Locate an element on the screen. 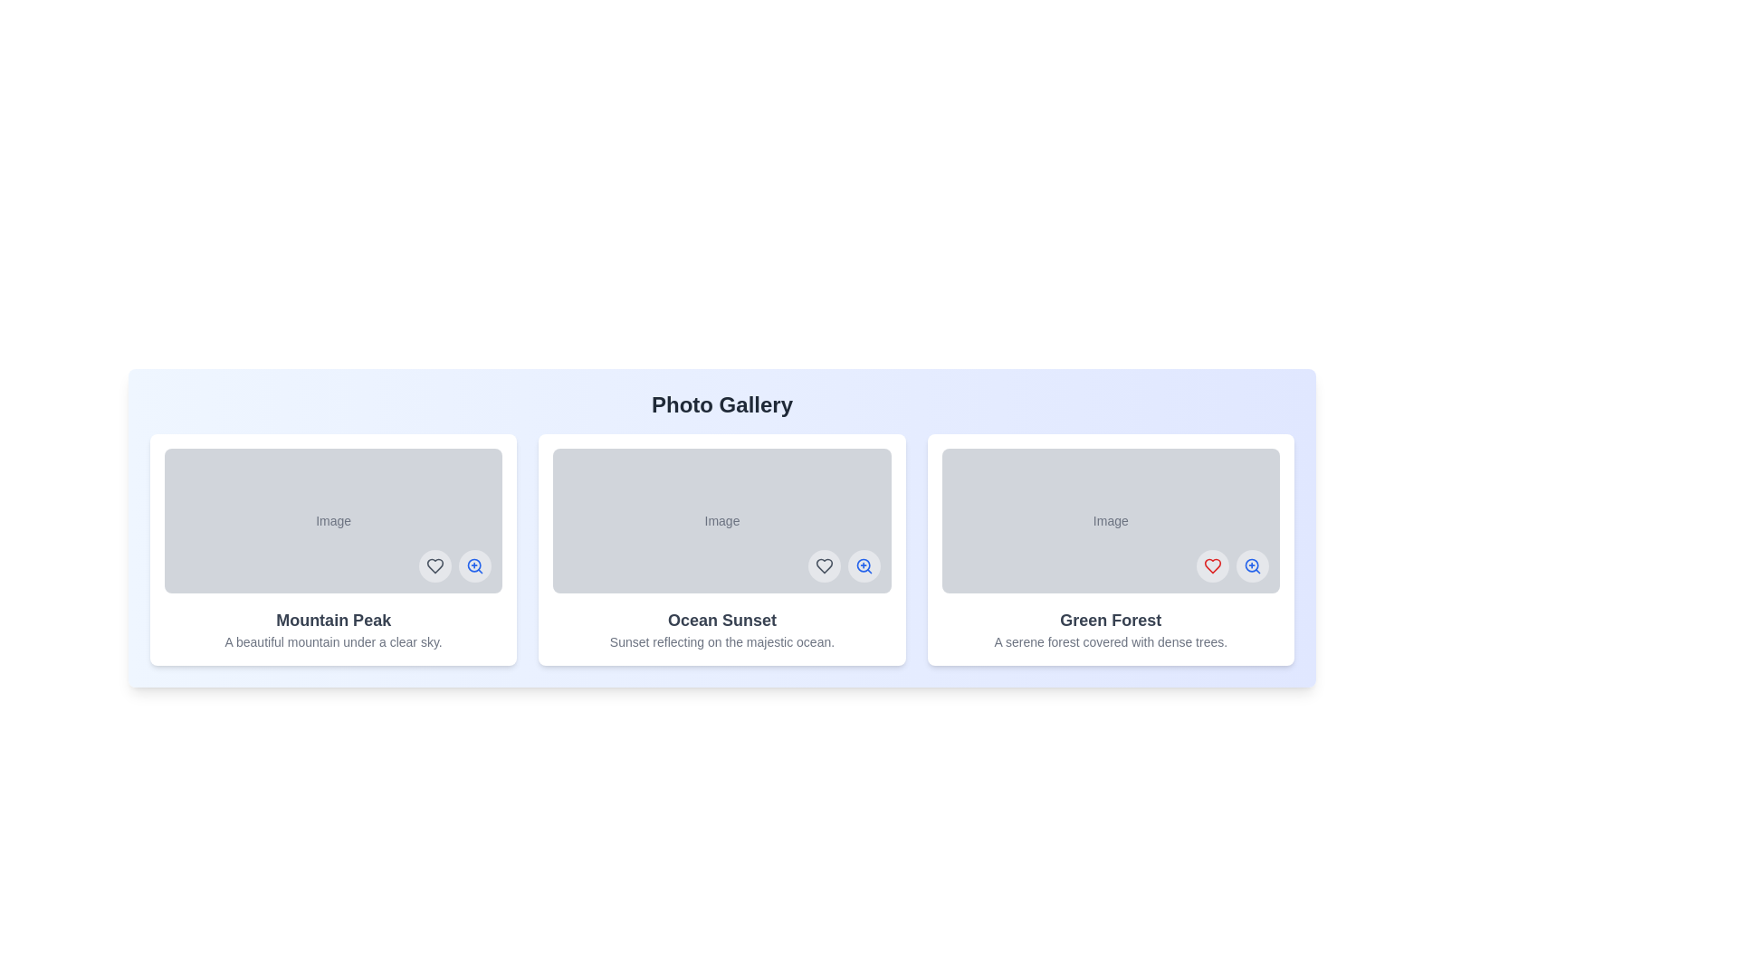 The image size is (1738, 977). the title of the image titled Mountain Peak to focus on it is located at coordinates (333, 620).